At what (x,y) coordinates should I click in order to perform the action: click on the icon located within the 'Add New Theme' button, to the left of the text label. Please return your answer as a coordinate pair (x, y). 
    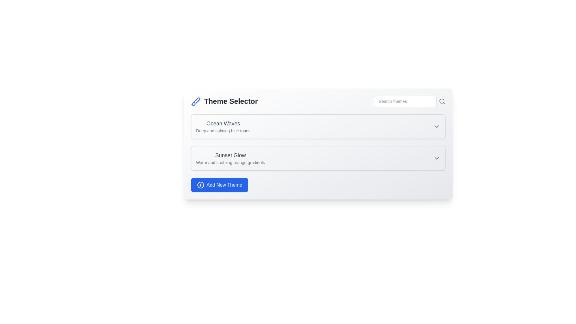
    Looking at the image, I should click on (200, 185).